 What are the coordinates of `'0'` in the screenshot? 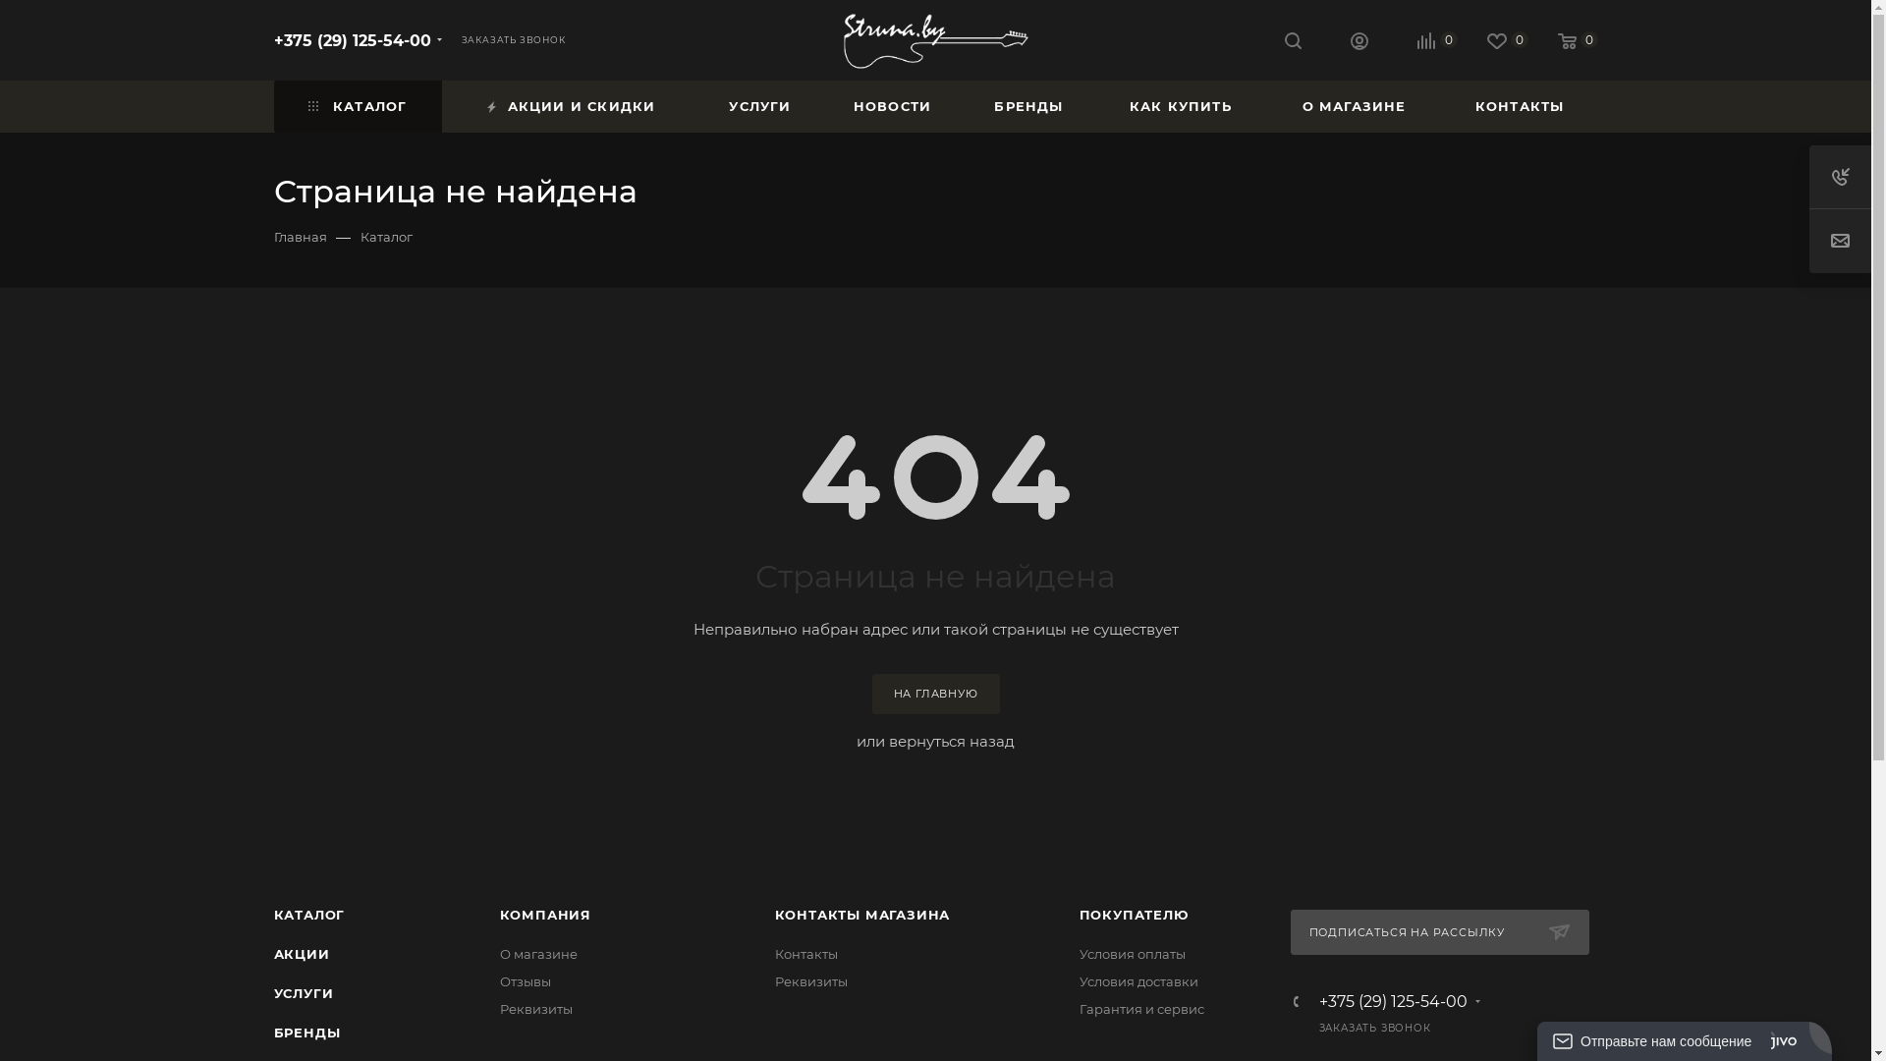 It's located at (1526, 41).